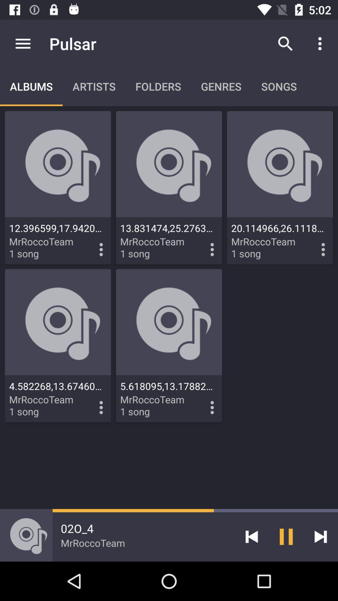 The width and height of the screenshot is (338, 601). What do you see at coordinates (285, 43) in the screenshot?
I see `item to the right of pulsar app` at bounding box center [285, 43].